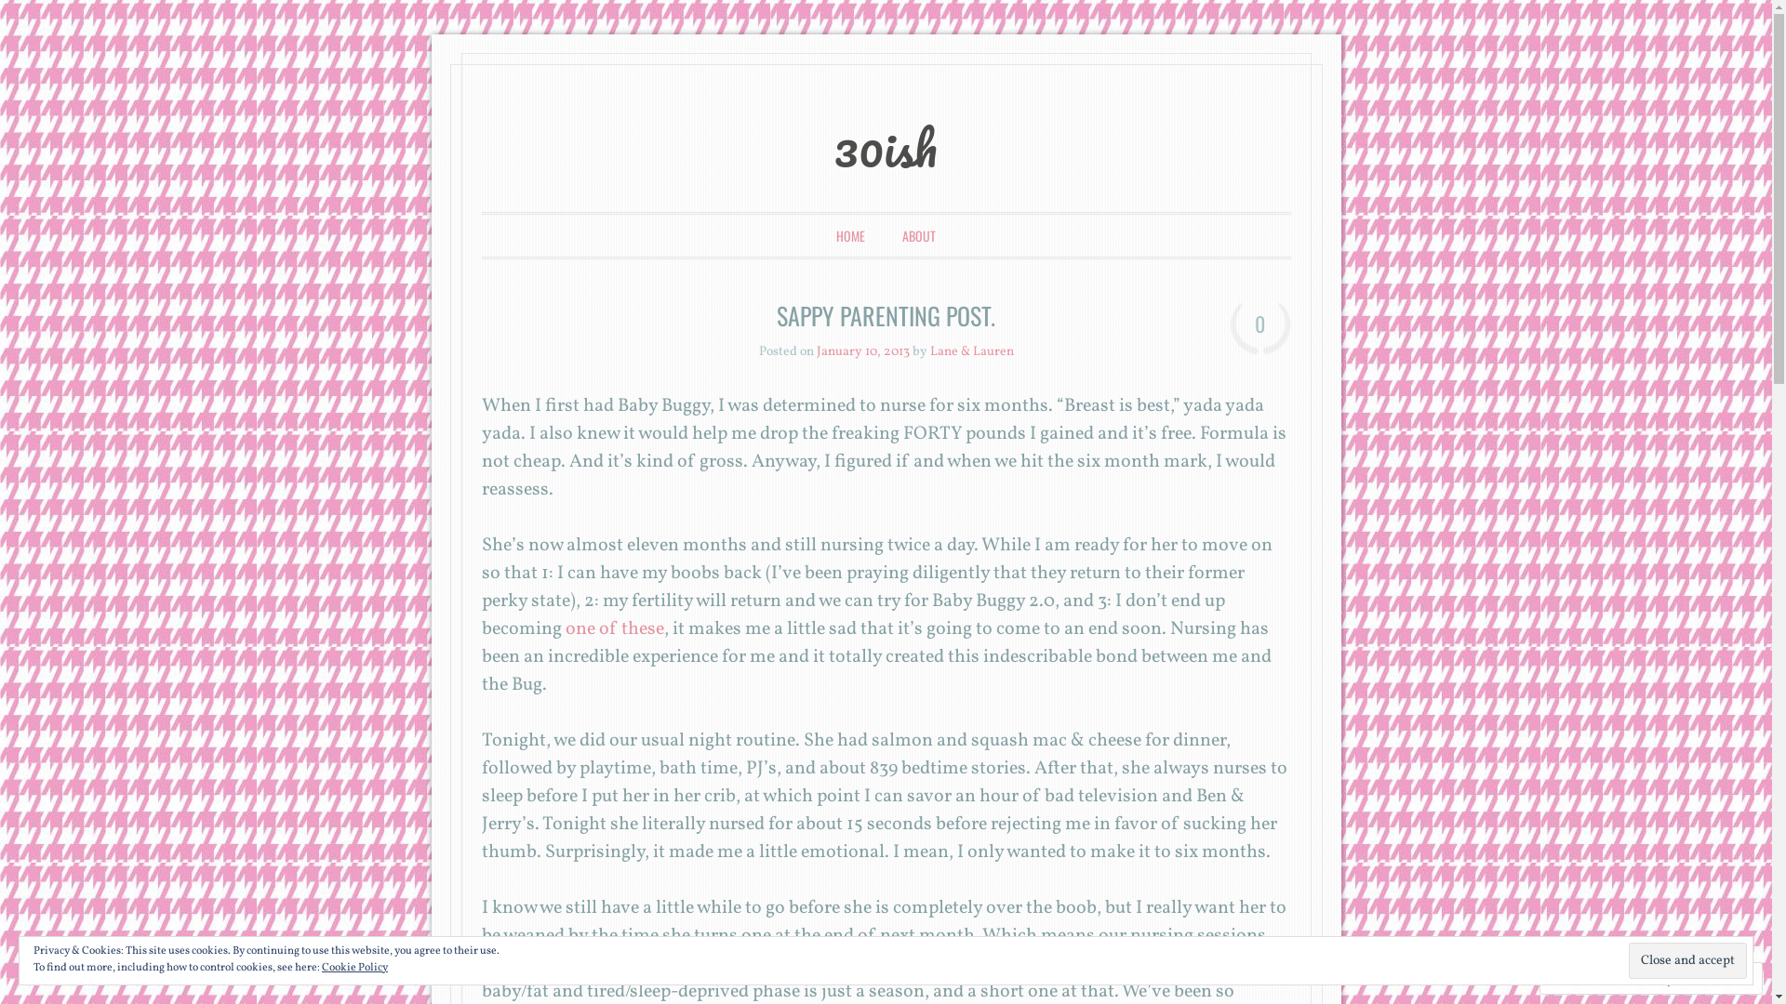 This screenshot has height=1004, width=1786. Describe the element at coordinates (561, 628) in the screenshot. I see `'one of these'` at that location.